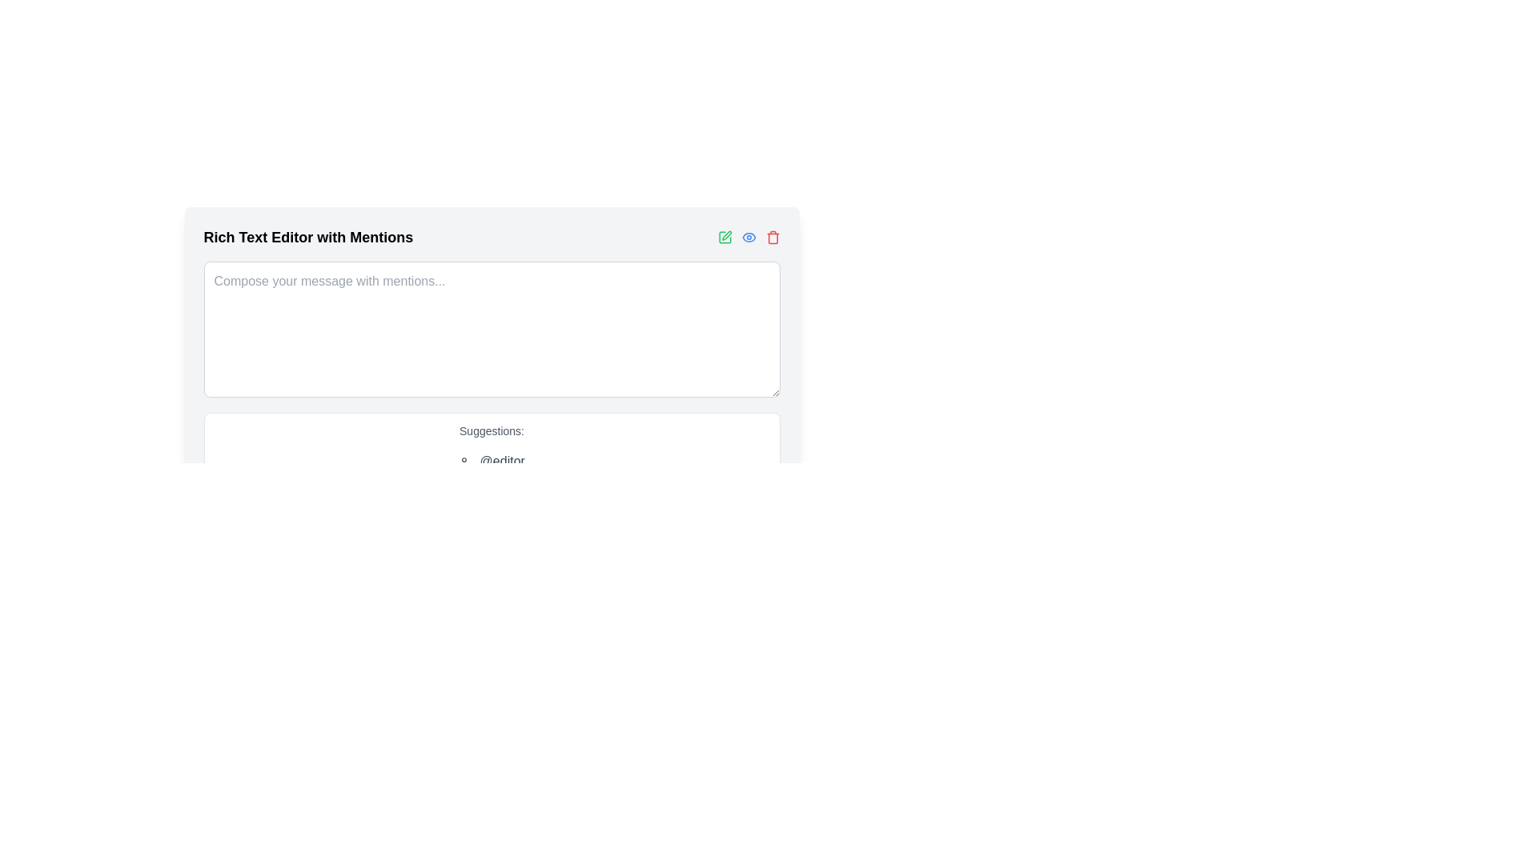  Describe the element at coordinates (464, 462) in the screenshot. I see `the user icon representing user functionality, which is styled with a gray color and appears next to the '@editor' text in the suggestions section` at that location.